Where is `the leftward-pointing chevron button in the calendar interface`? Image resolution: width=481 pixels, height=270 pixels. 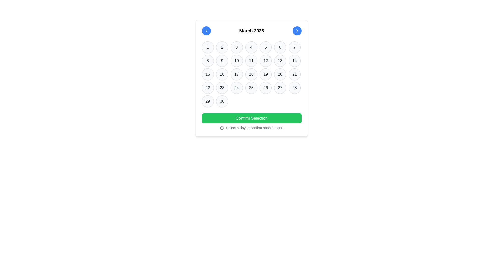 the leftward-pointing chevron button in the calendar interface is located at coordinates (206, 31).